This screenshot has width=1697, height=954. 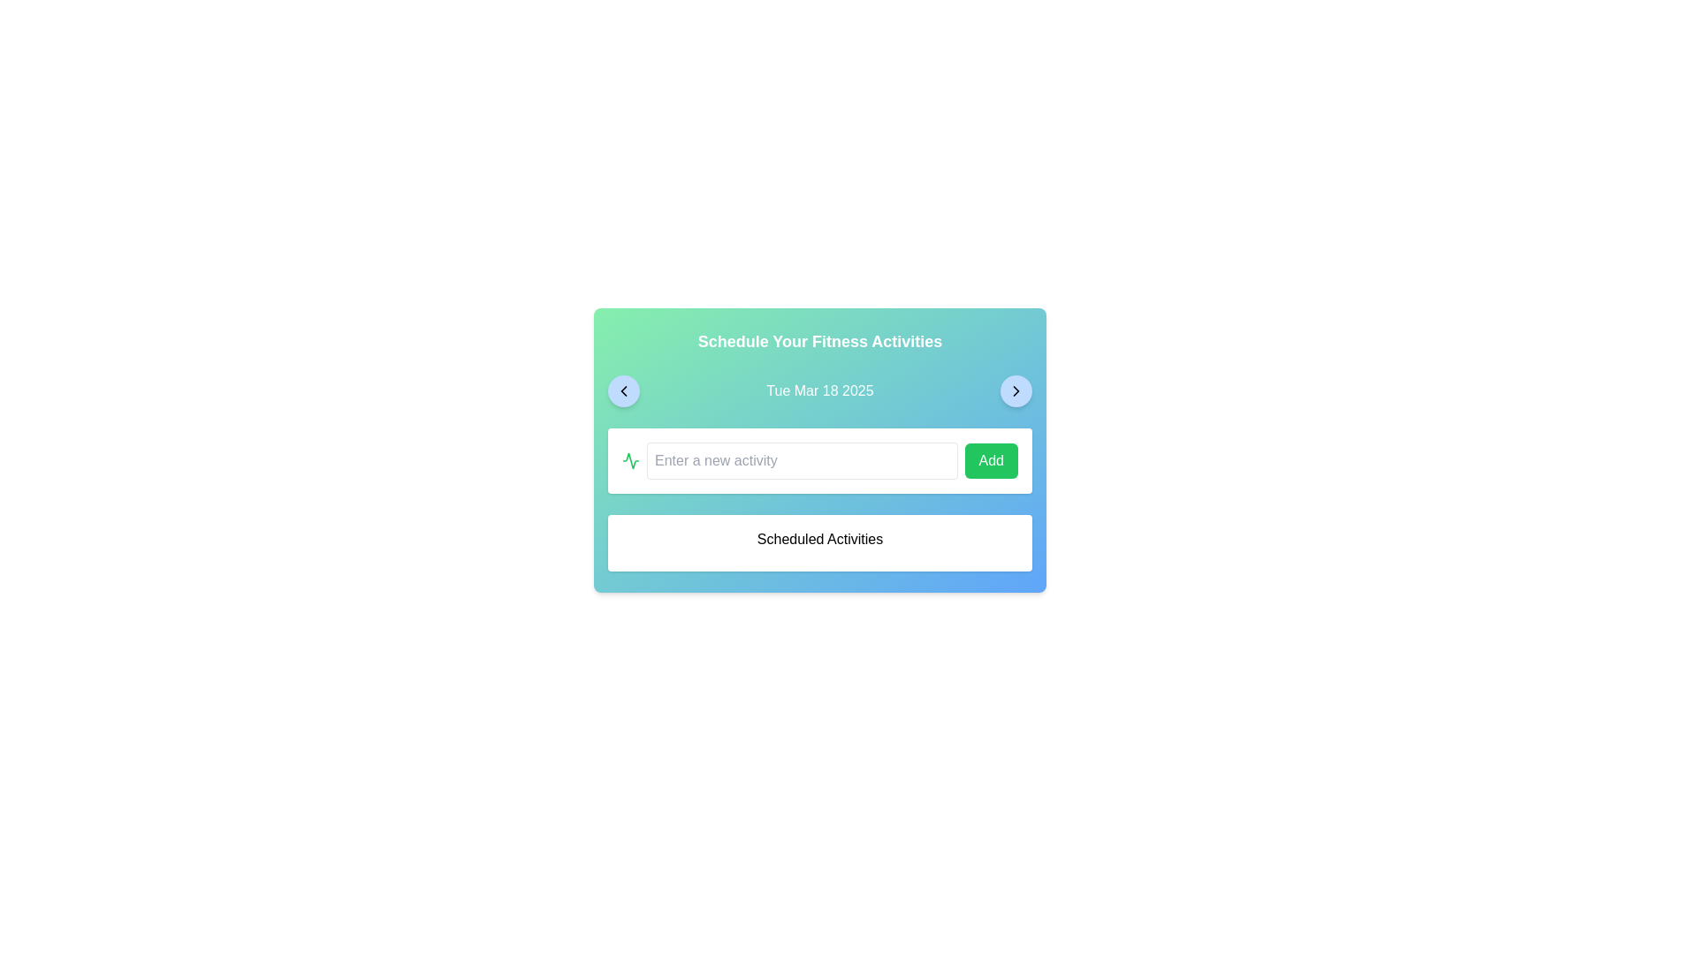 What do you see at coordinates (631, 459) in the screenshot?
I see `the green icon located to the left of the 'Enter a new activity' input field within the card interface` at bounding box center [631, 459].